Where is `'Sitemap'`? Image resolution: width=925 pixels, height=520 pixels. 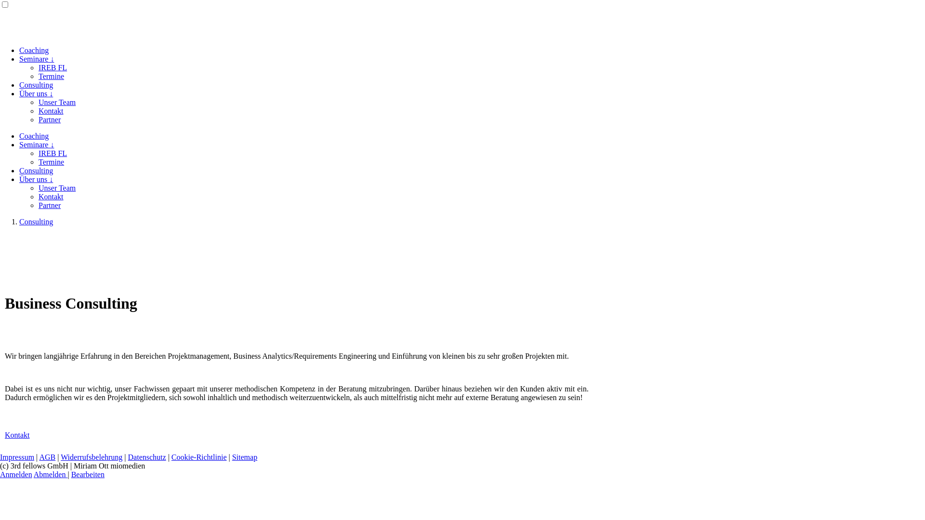
'Sitemap' is located at coordinates (245, 456).